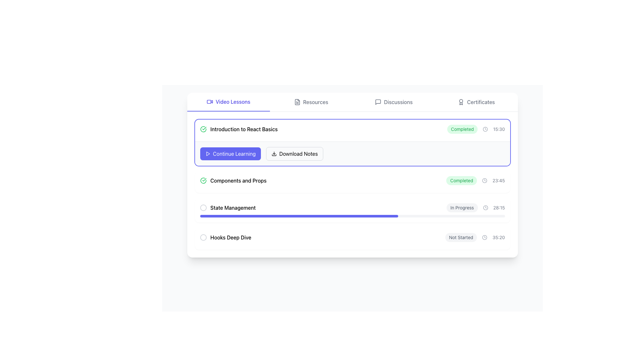 The image size is (620, 349). I want to click on the list item containing the text 'Components and Props', so click(233, 181).